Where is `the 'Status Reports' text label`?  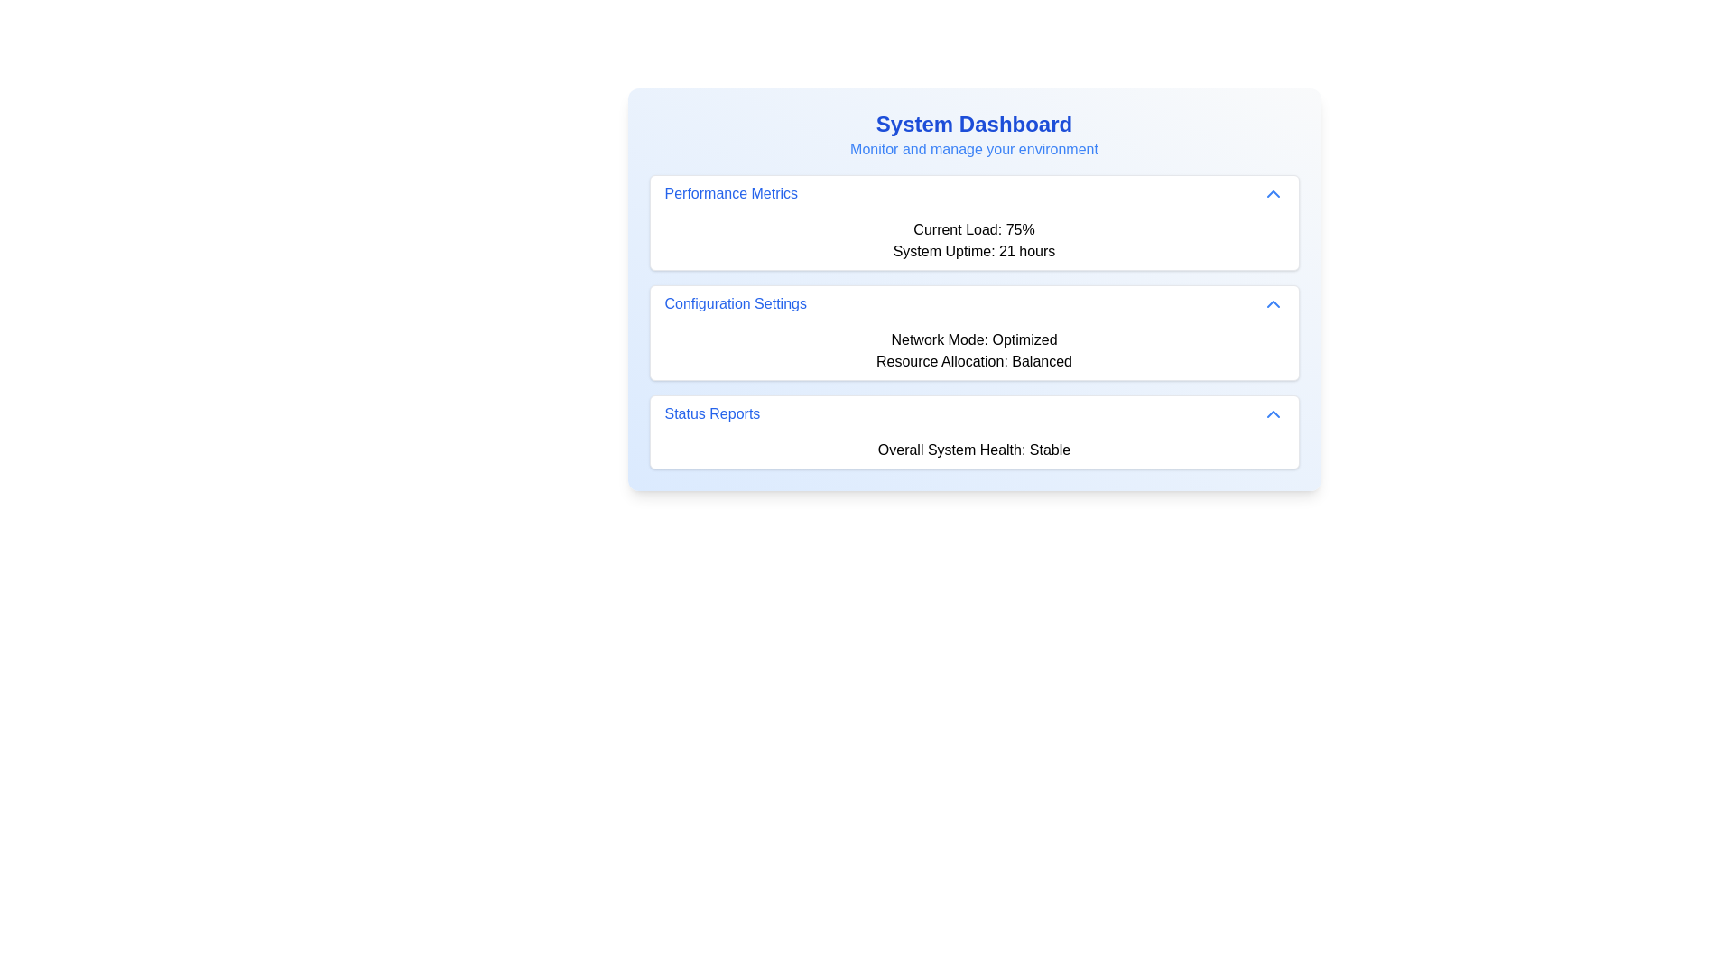 the 'Status Reports' text label is located at coordinates (711, 414).